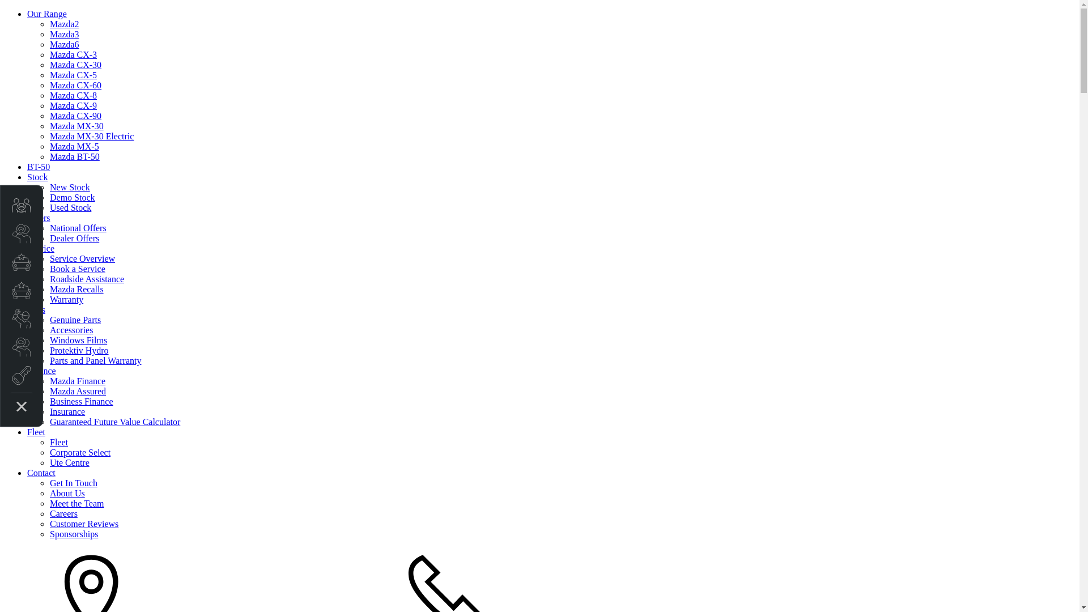 This screenshot has width=1088, height=612. I want to click on 'Windows Films', so click(78, 339).